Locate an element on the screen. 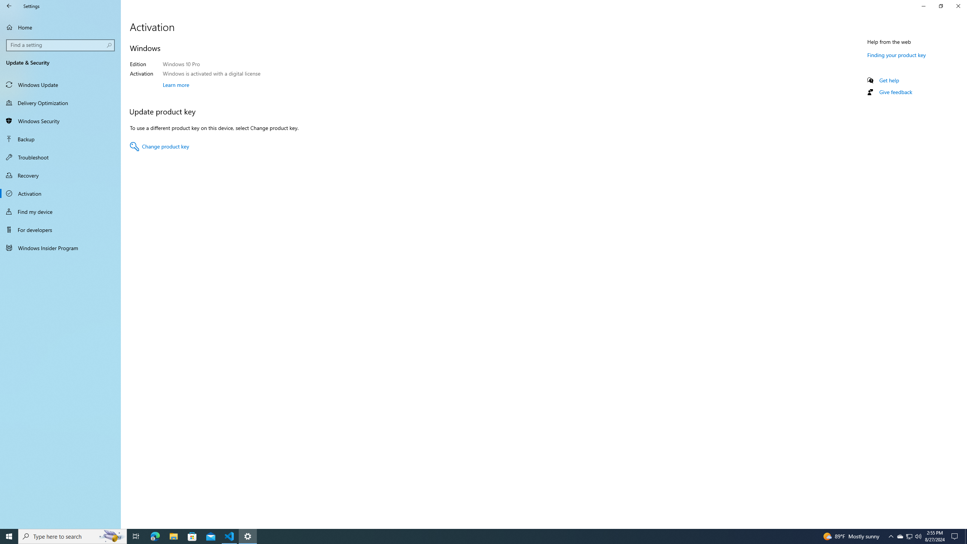 Image resolution: width=967 pixels, height=544 pixels. 'For developers' is located at coordinates (60, 230).